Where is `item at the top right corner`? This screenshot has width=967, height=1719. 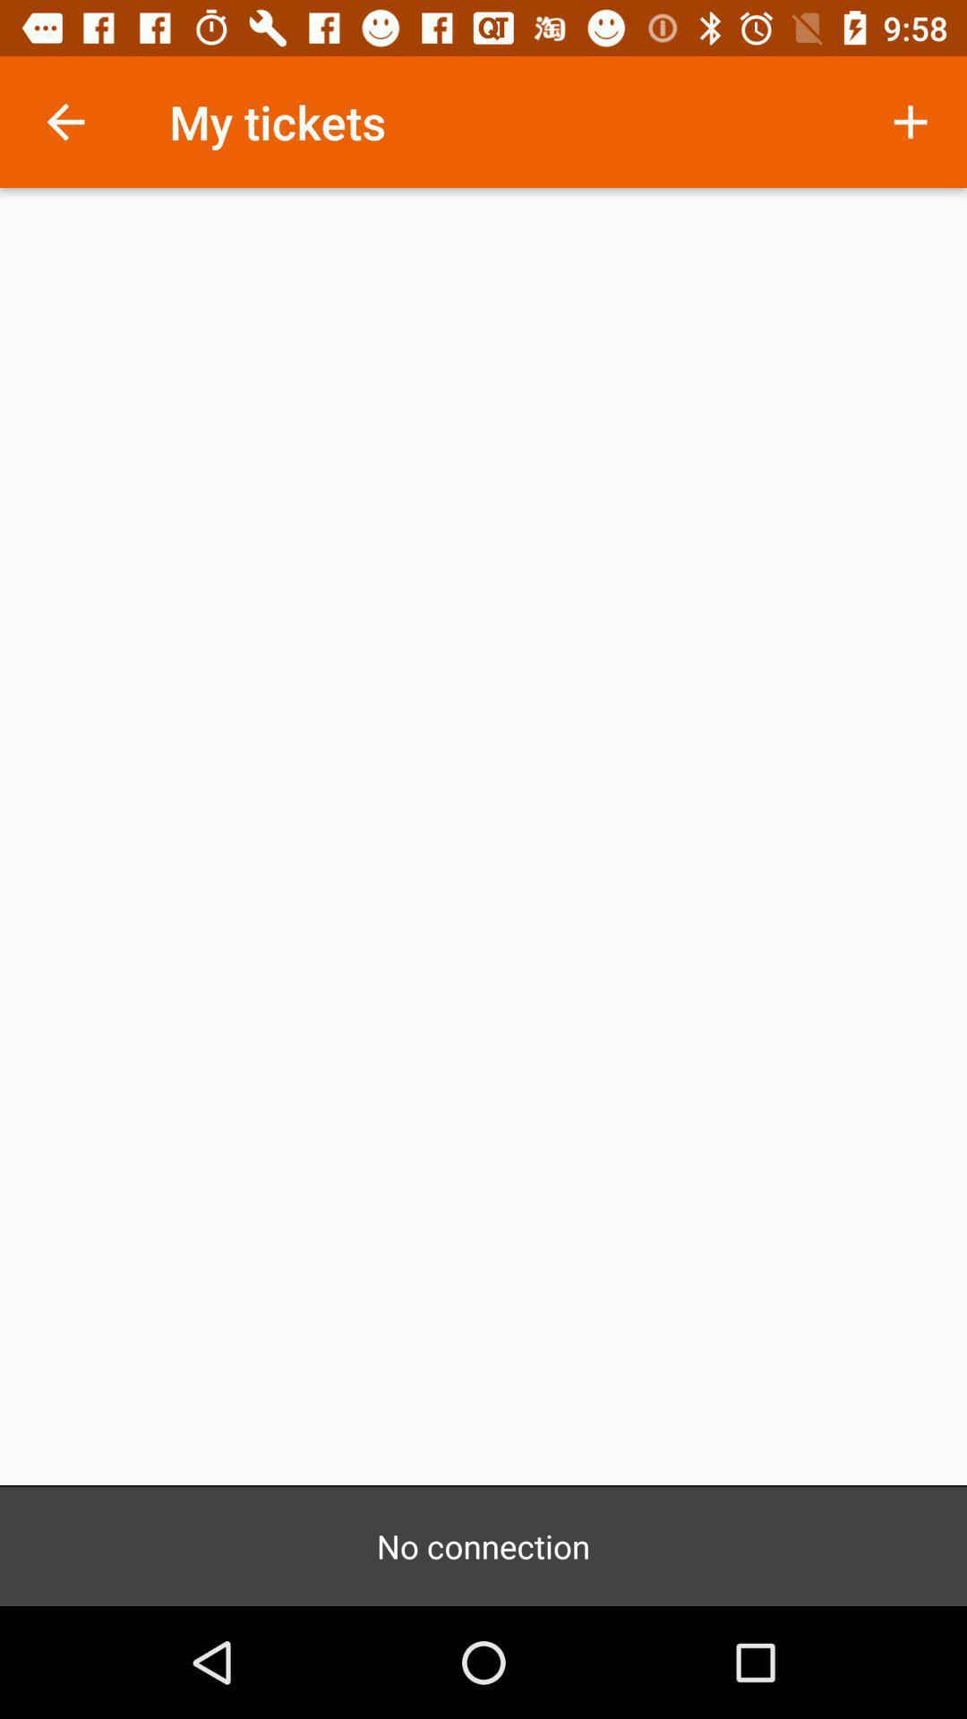
item at the top right corner is located at coordinates (911, 121).